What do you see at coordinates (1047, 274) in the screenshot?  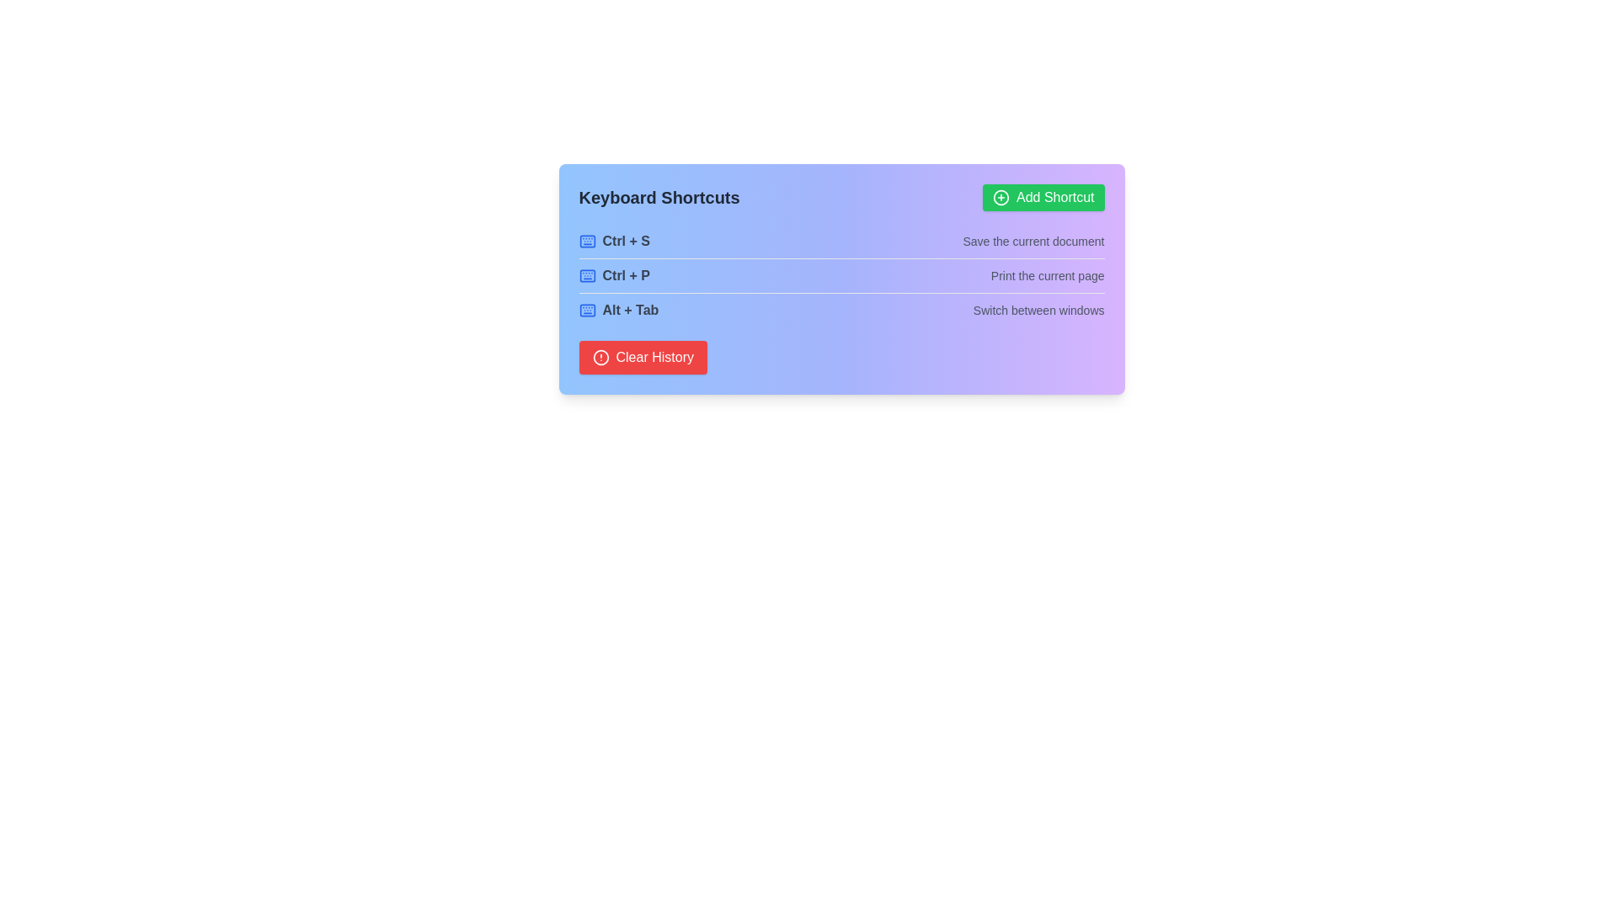 I see `the descriptive text label that informs the user about the purpose of the 'Ctrl + P' shortcut, which is to print the current page` at bounding box center [1047, 274].